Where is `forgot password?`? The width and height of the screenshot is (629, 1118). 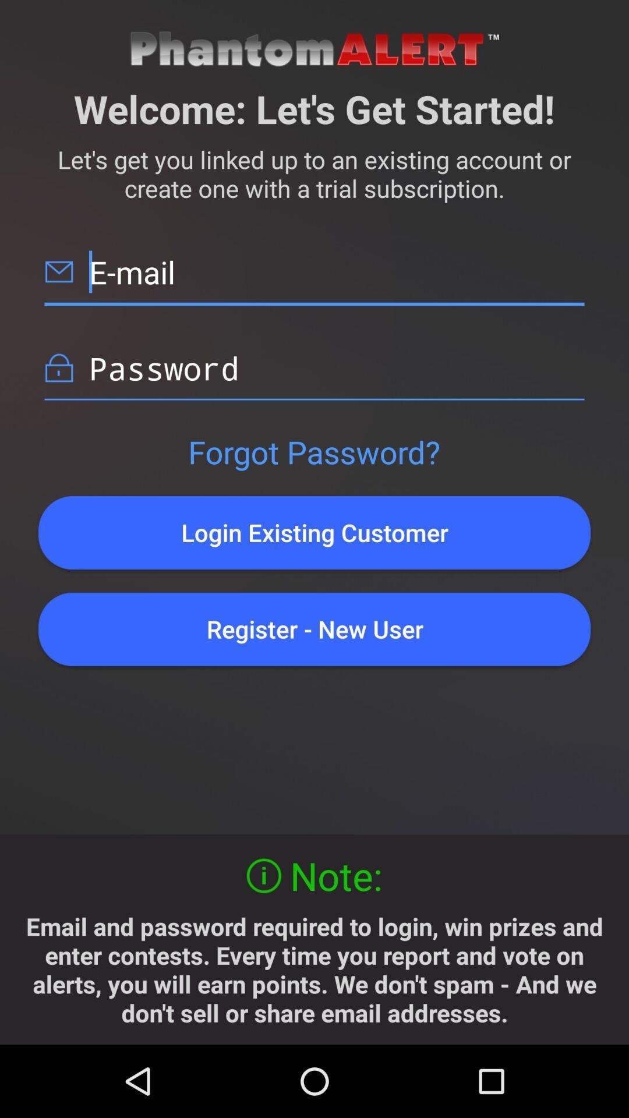
forgot password? is located at coordinates (313, 451).